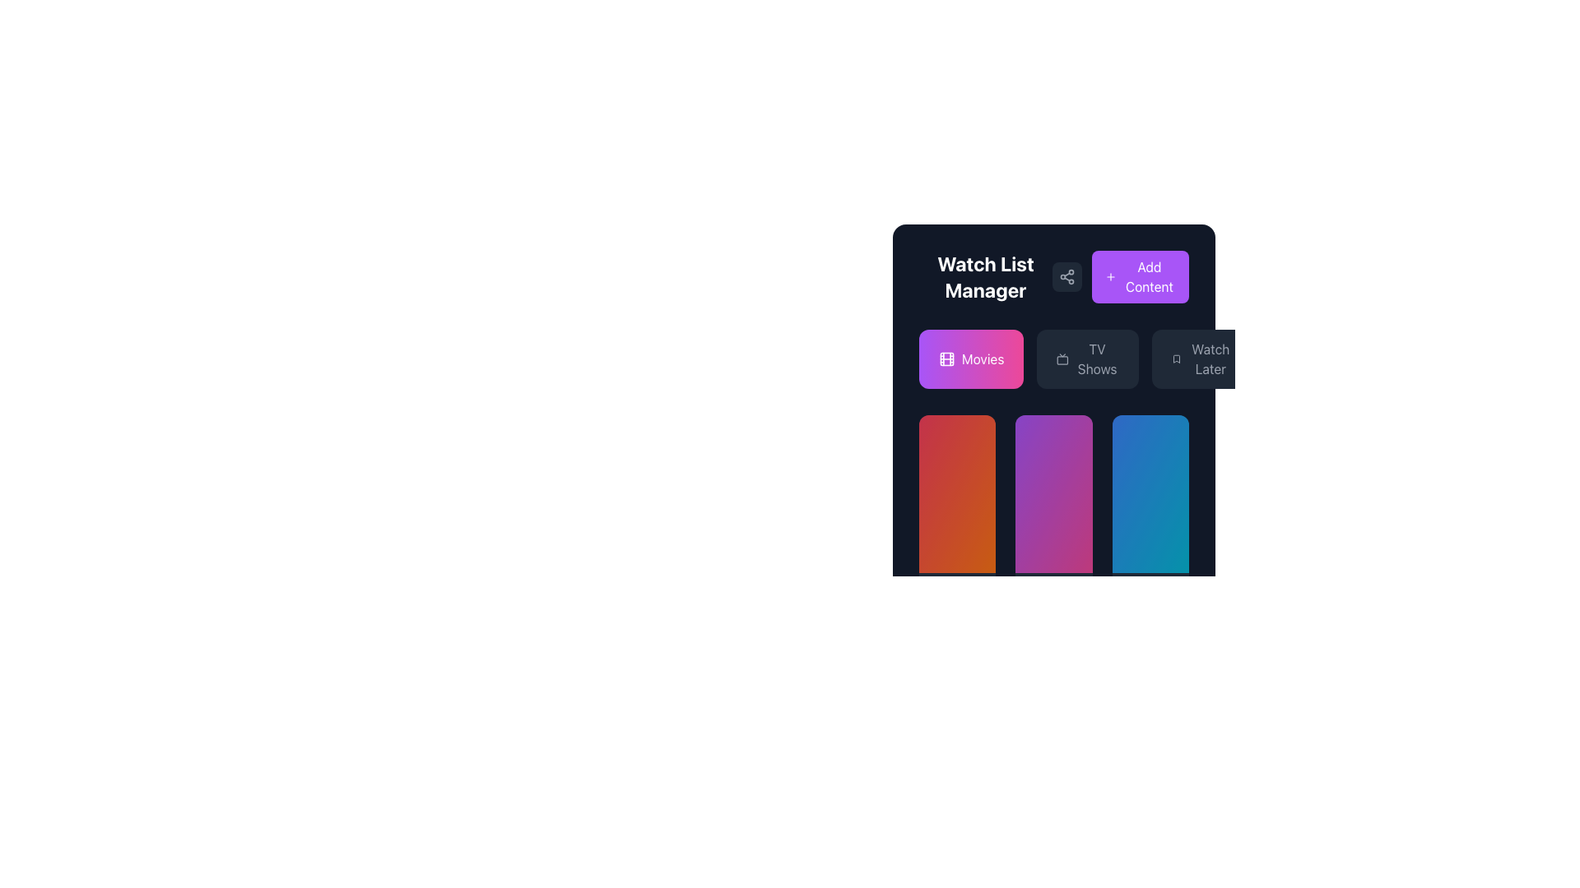 This screenshot has width=1580, height=888. What do you see at coordinates (1054, 358) in the screenshot?
I see `the 'TV Shows' button, which is a rectangular button with a television icon and white text on a dark gray background, located between the 'Movies' and 'Watch Later' buttons` at bounding box center [1054, 358].